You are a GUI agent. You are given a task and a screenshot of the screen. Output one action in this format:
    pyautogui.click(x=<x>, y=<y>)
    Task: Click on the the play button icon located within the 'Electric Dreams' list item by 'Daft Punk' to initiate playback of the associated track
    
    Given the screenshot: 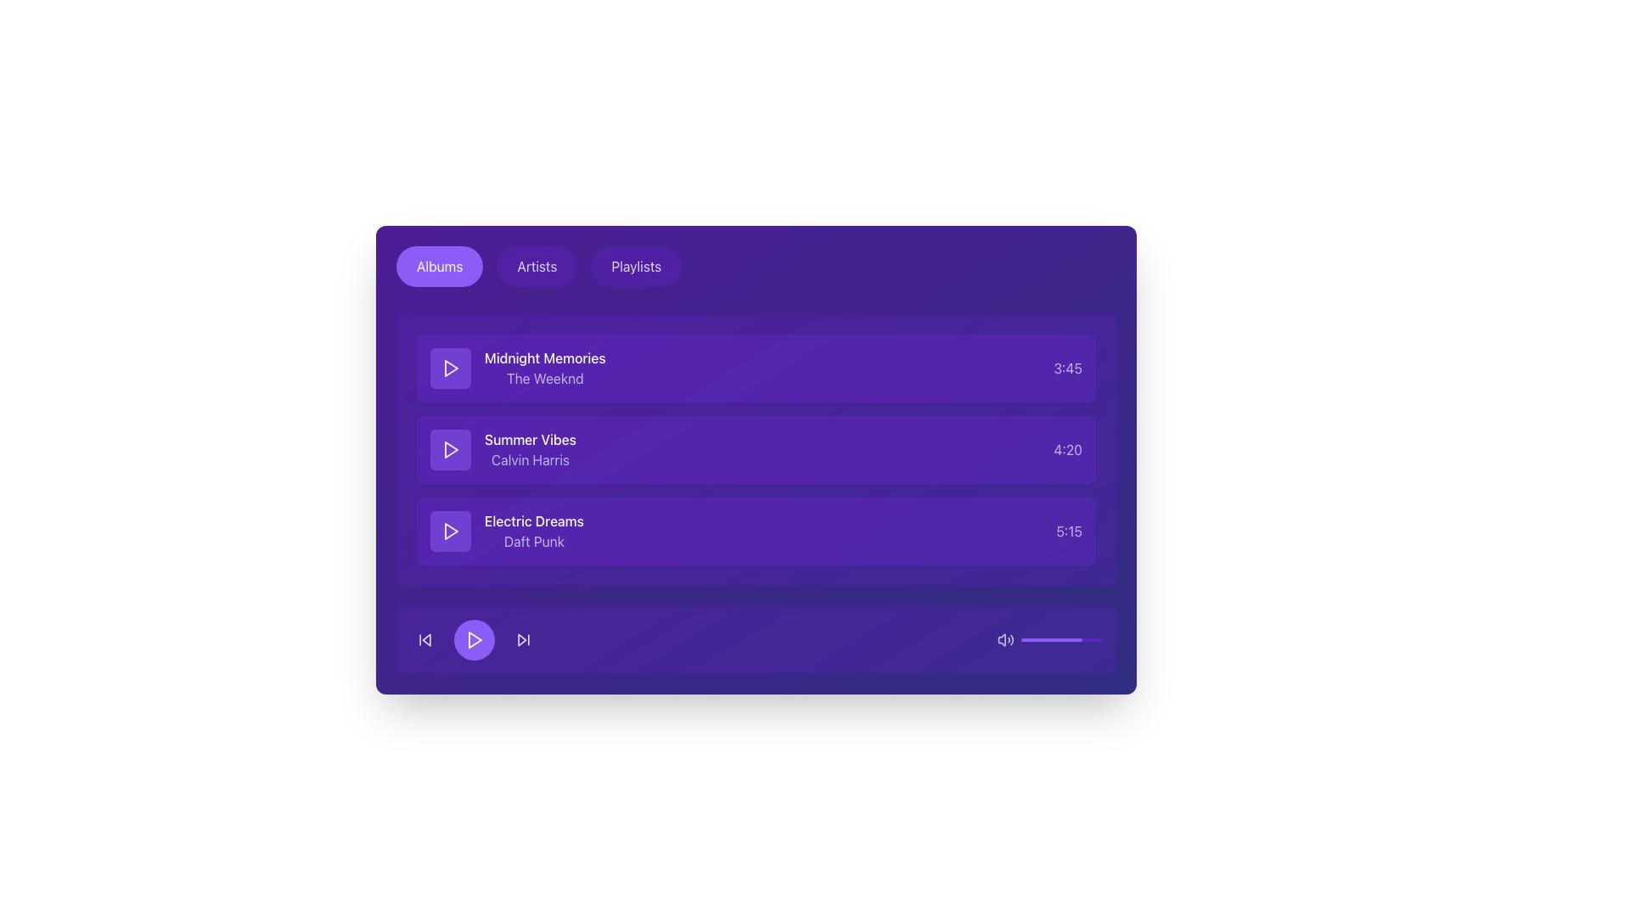 What is the action you would take?
    pyautogui.click(x=452, y=530)
    